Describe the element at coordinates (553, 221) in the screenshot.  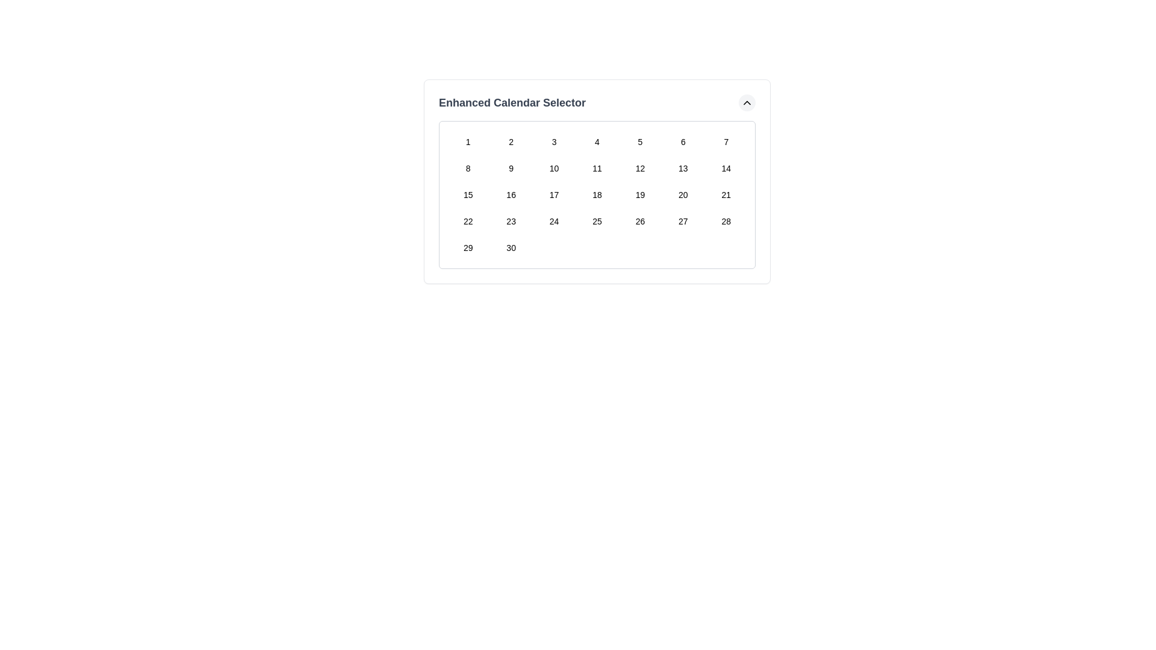
I see `the button that allows the user to select the 24th day in the calendar interface, located in the fourth row and third column of the 7-column grid` at that location.